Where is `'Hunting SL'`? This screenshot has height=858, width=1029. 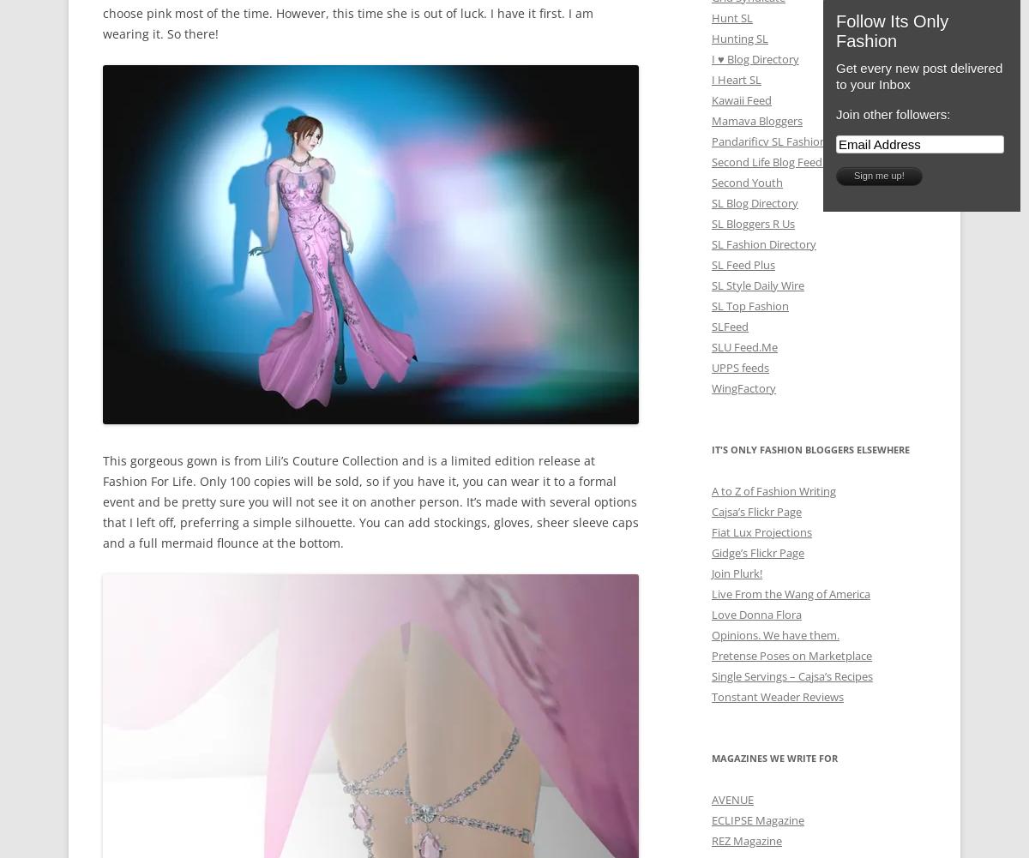
'Hunting SL' is located at coordinates (739, 38).